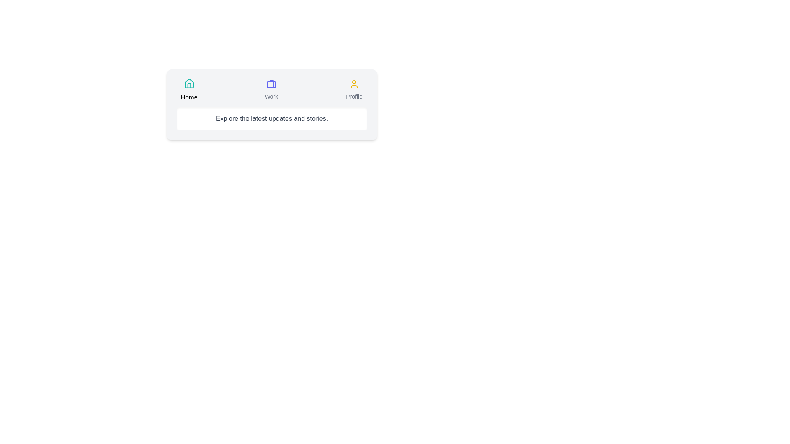  What do you see at coordinates (188, 90) in the screenshot?
I see `the Home tab to switch to it` at bounding box center [188, 90].